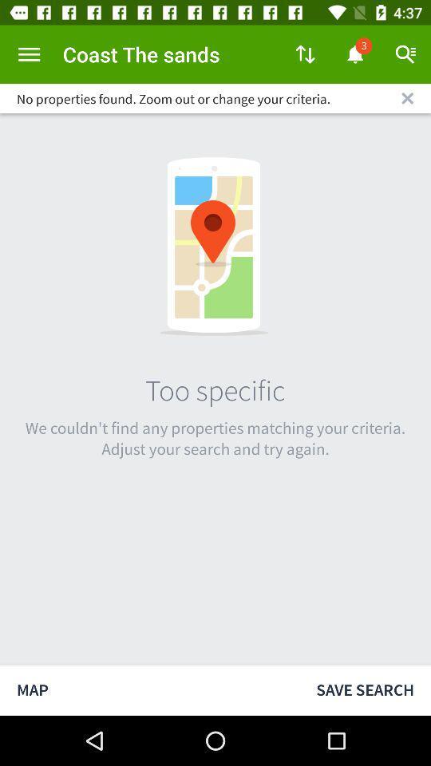  What do you see at coordinates (407, 97) in the screenshot?
I see `exit the search` at bounding box center [407, 97].